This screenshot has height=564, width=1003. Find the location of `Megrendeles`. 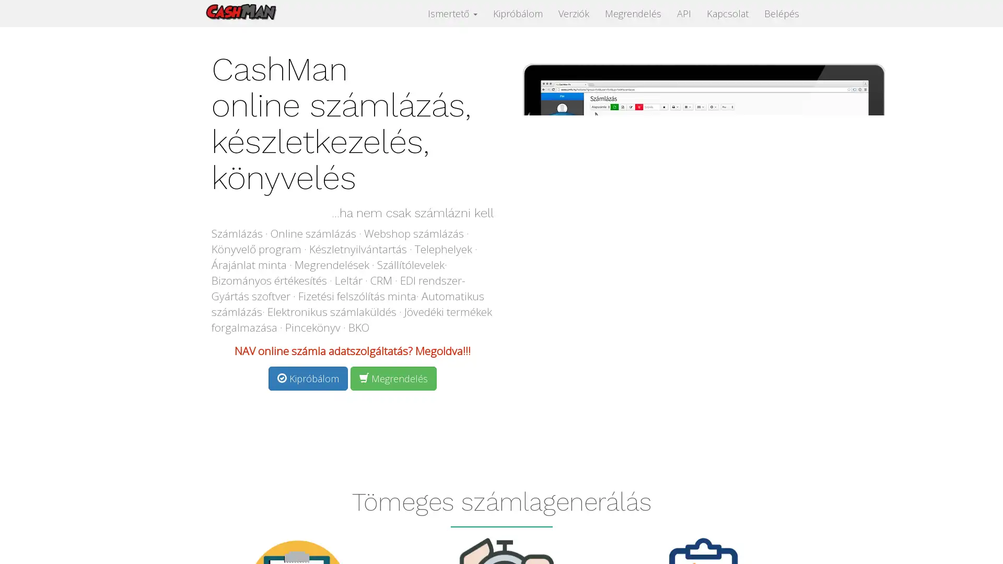

Megrendeles is located at coordinates (393, 378).